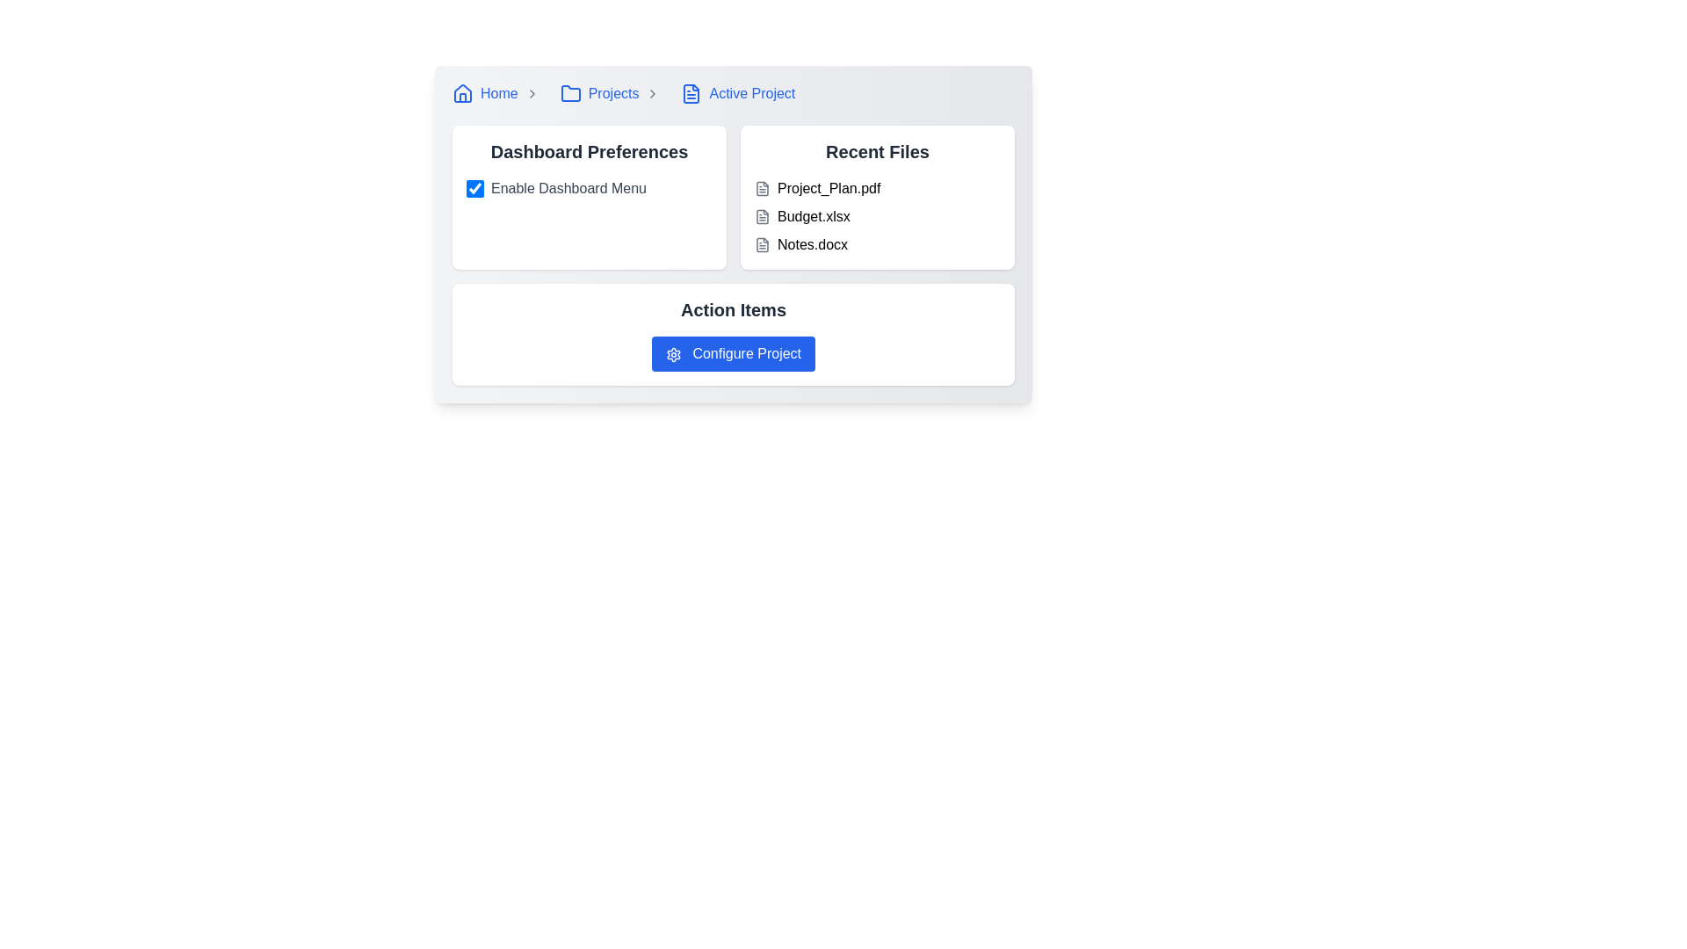 The height and width of the screenshot is (949, 1687). I want to click on the 'Configure Project' button, which has a blue background and white text, located below the 'Action Items' header, so click(734, 353).